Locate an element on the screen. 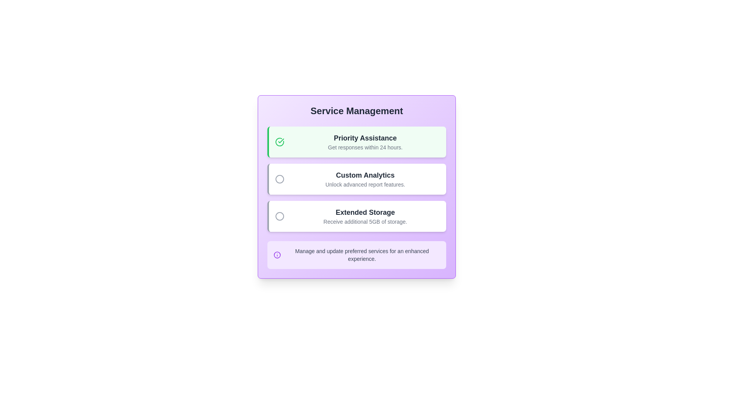 The image size is (743, 418). the icon representing the selection status of the 'Priority Assistance' feature, indicating that it is currently chosen is located at coordinates (279, 142).